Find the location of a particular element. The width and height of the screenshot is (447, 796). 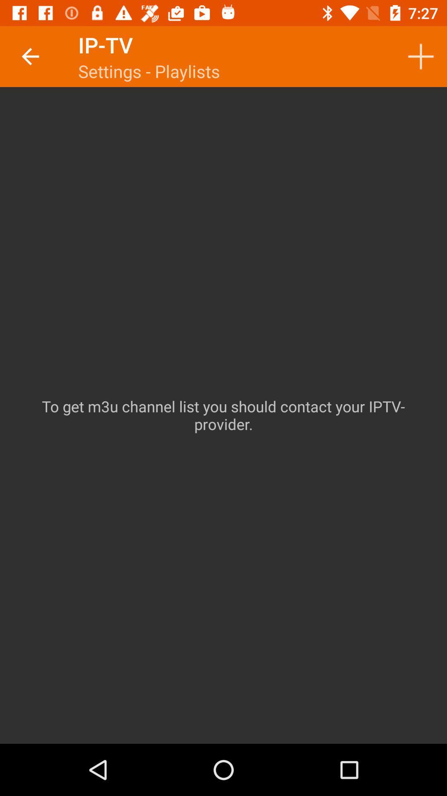

item next to settings - playlists icon is located at coordinates (421, 56).